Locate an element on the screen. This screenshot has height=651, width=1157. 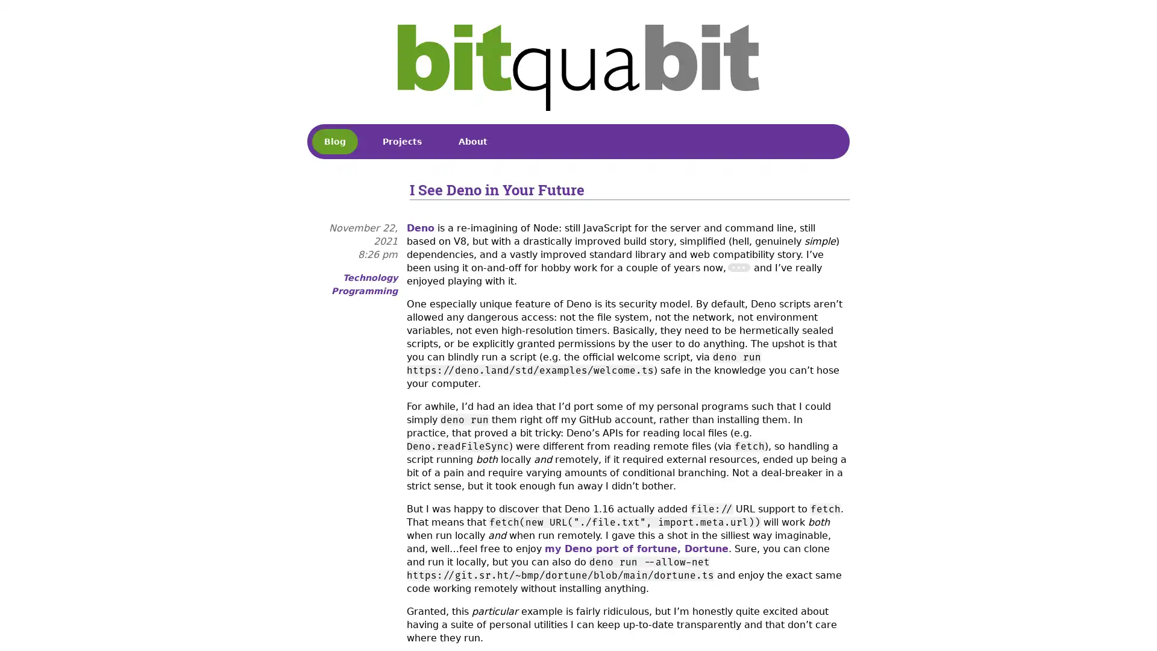
Footnote 1 is located at coordinates (738, 266).